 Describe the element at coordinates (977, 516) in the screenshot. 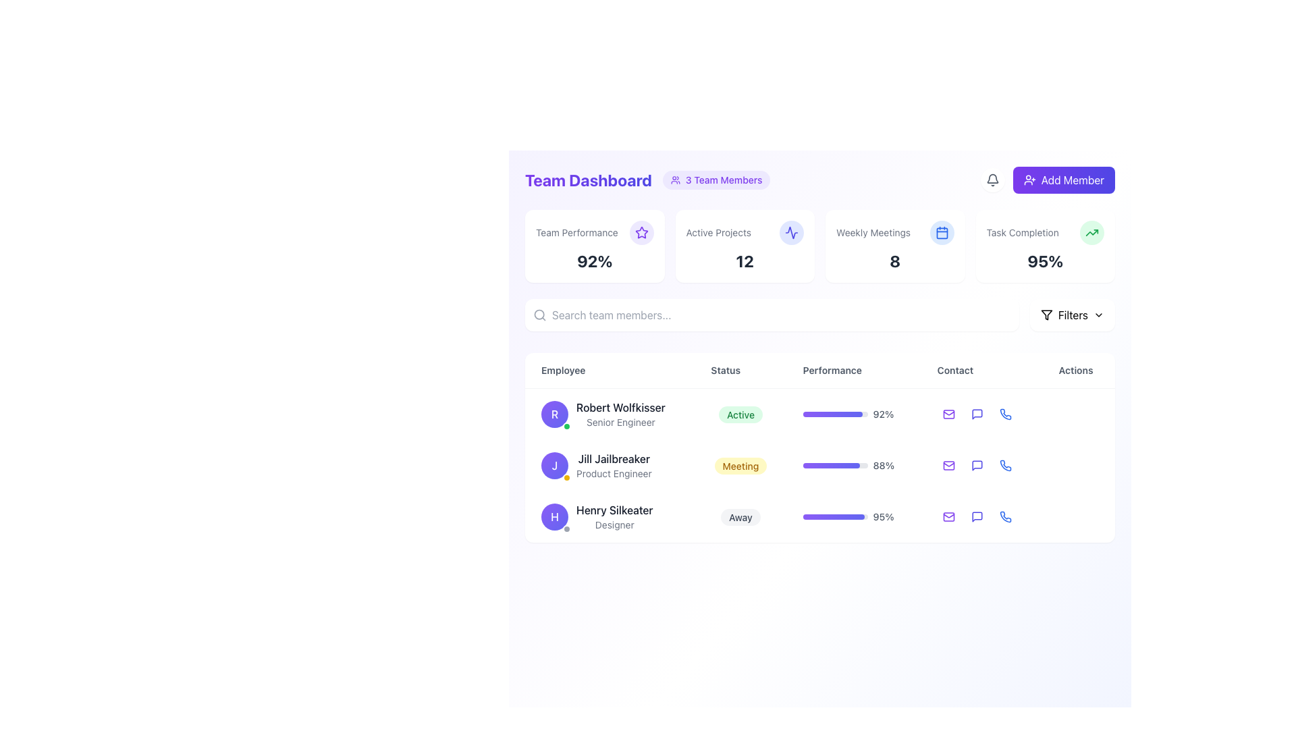

I see `the Icon button in the 'Actions' column of the last row in the table, which is used for communication options like chat or message` at that location.